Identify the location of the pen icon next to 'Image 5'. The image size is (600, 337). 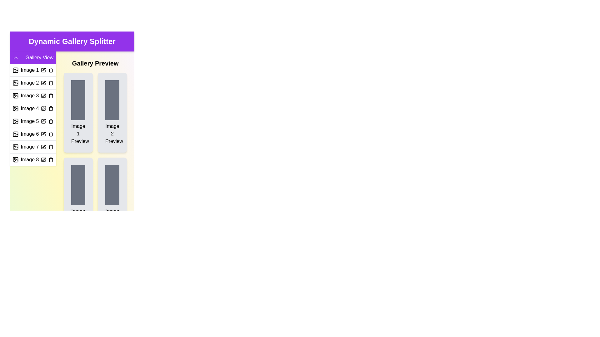
(43, 121).